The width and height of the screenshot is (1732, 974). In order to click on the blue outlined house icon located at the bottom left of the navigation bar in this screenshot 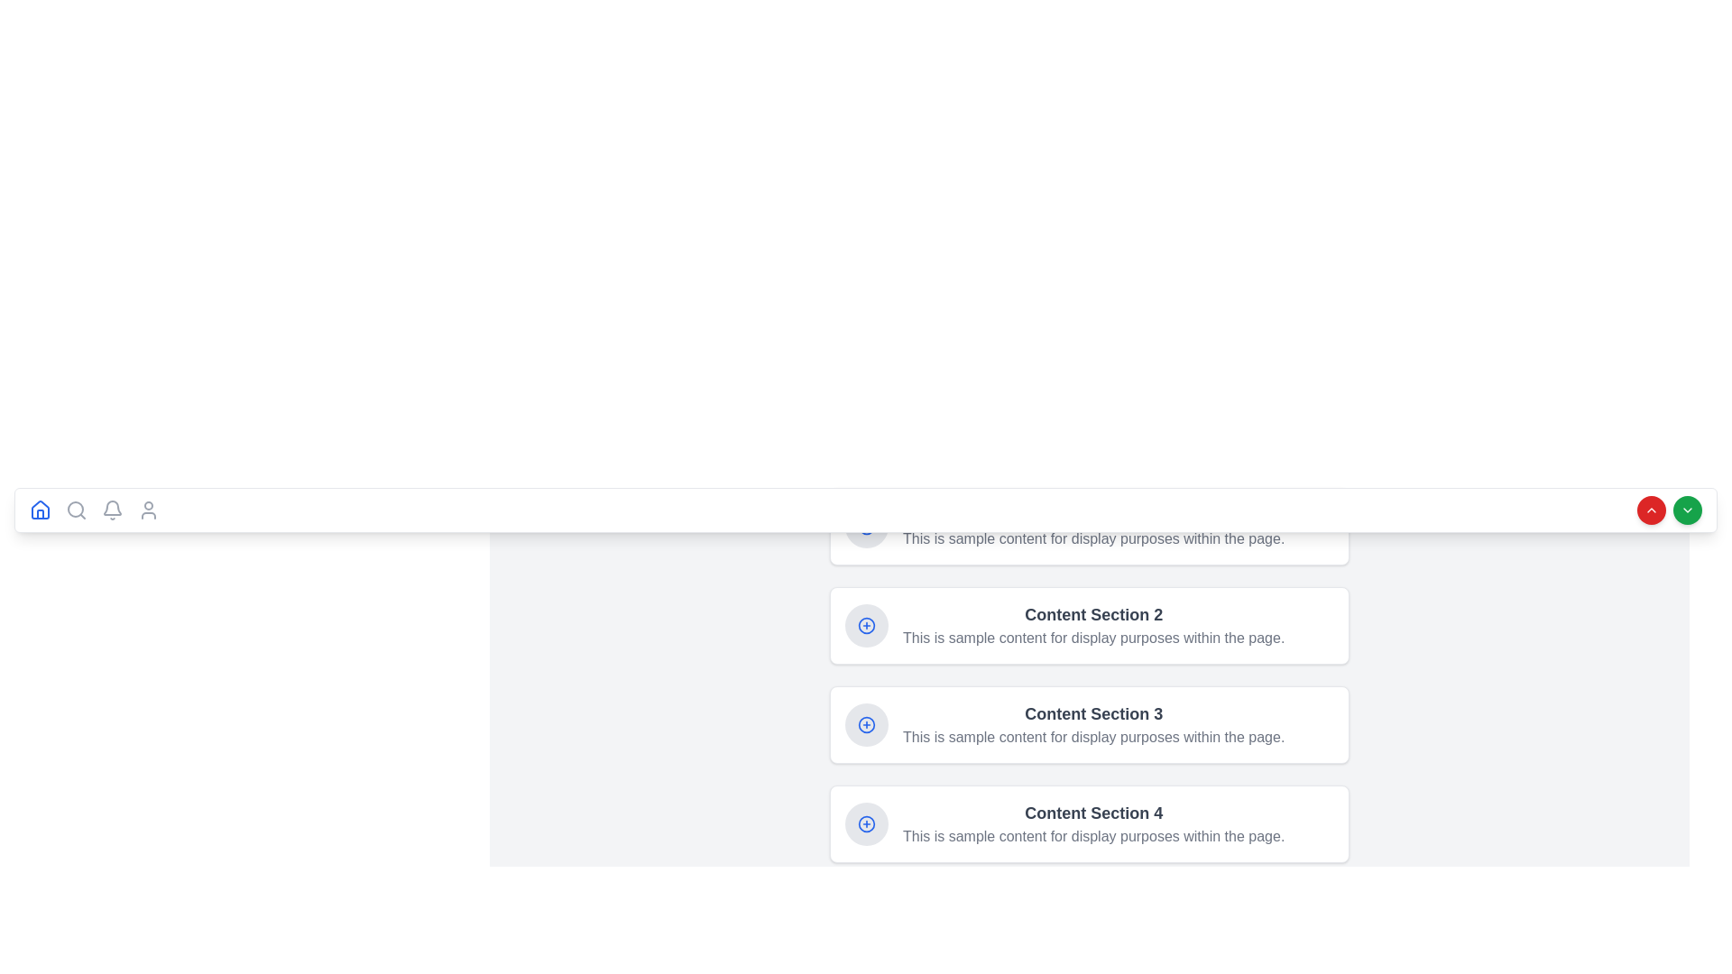, I will do `click(40, 509)`.